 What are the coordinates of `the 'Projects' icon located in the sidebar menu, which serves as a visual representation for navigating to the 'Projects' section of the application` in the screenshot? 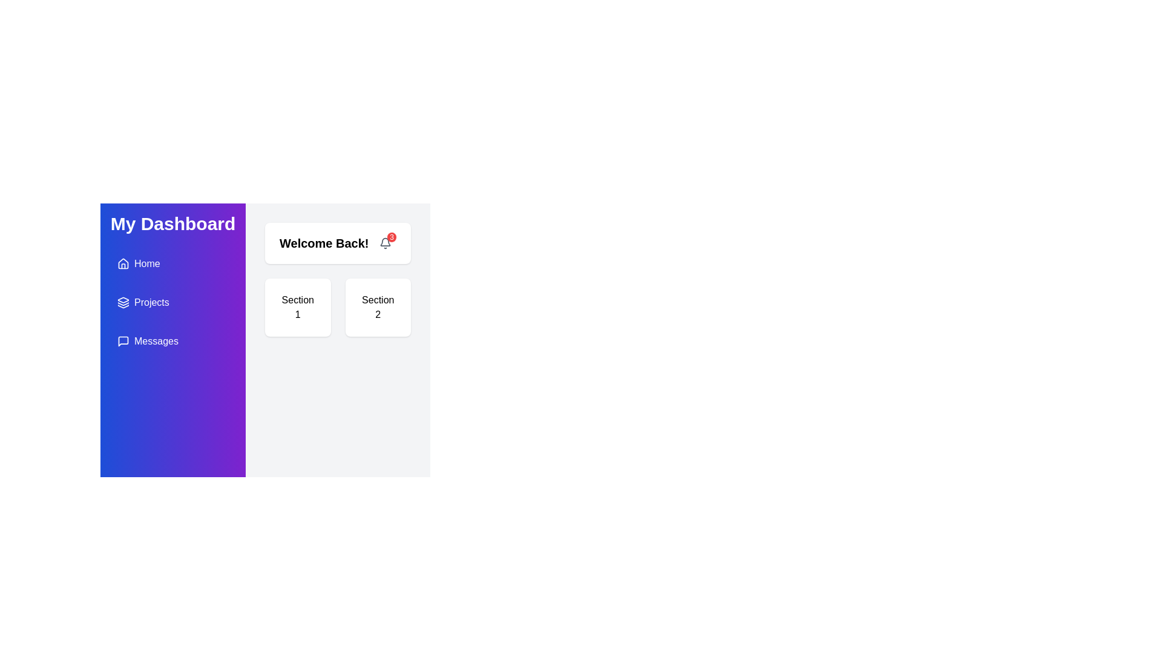 It's located at (123, 302).